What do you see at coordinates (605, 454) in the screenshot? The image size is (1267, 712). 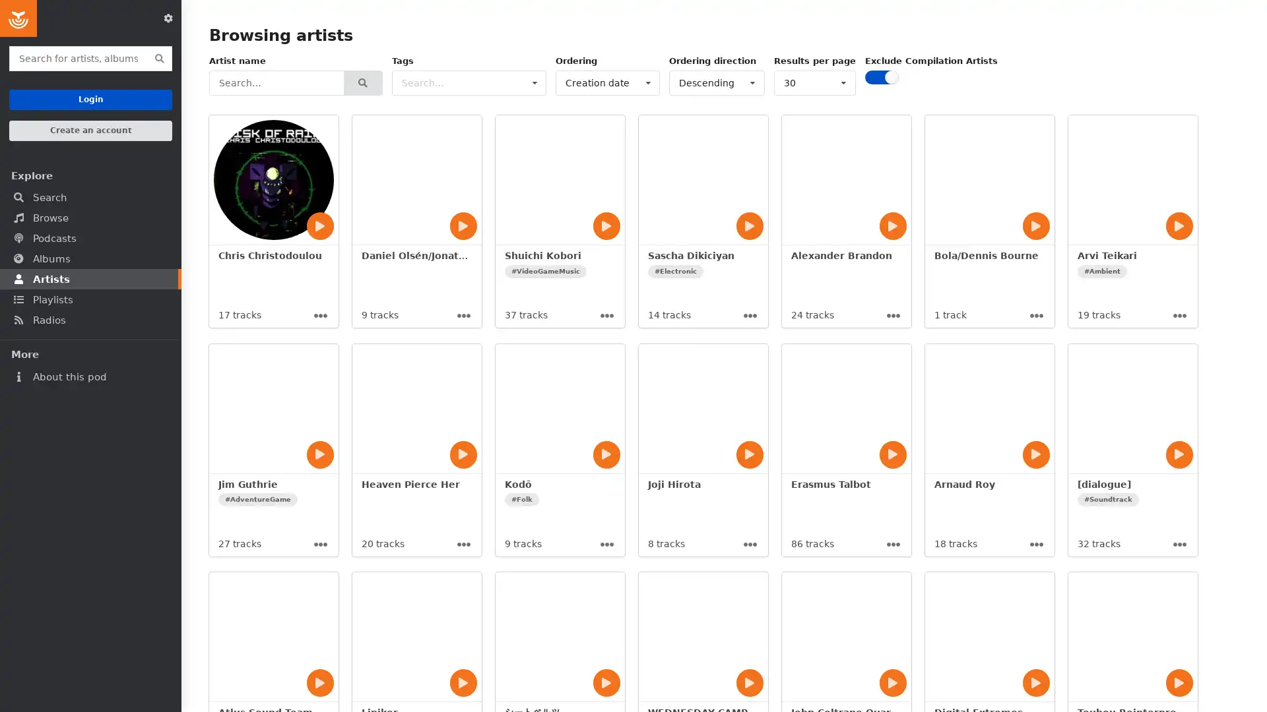 I see `Play artist` at bounding box center [605, 454].